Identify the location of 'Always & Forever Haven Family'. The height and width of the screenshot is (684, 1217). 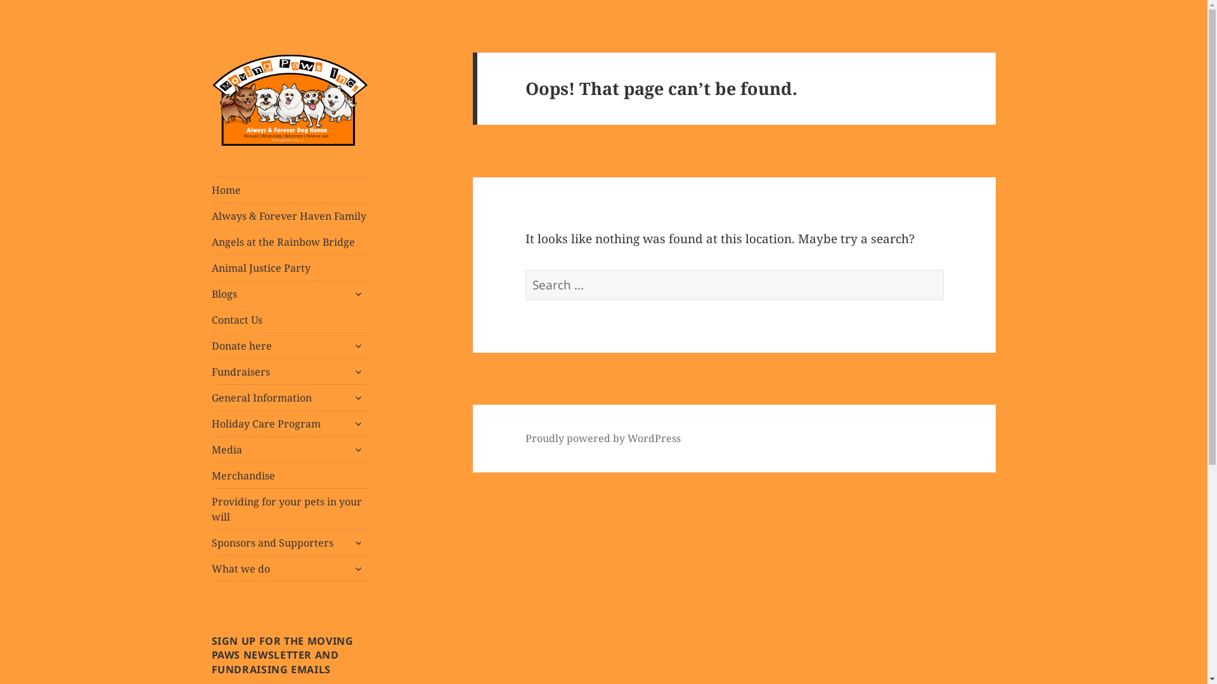
(289, 215).